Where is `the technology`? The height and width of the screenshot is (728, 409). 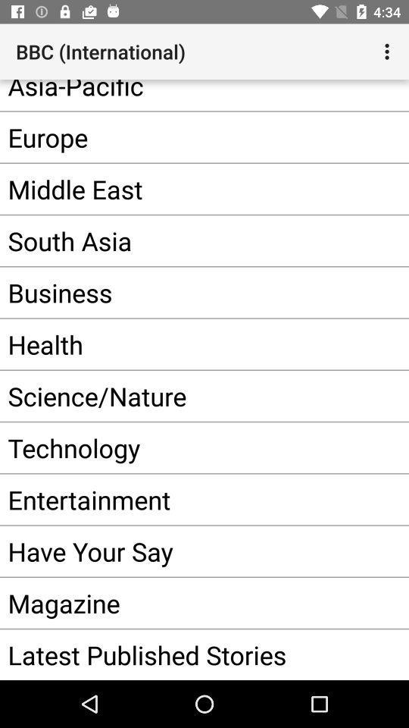
the technology is located at coordinates (189, 447).